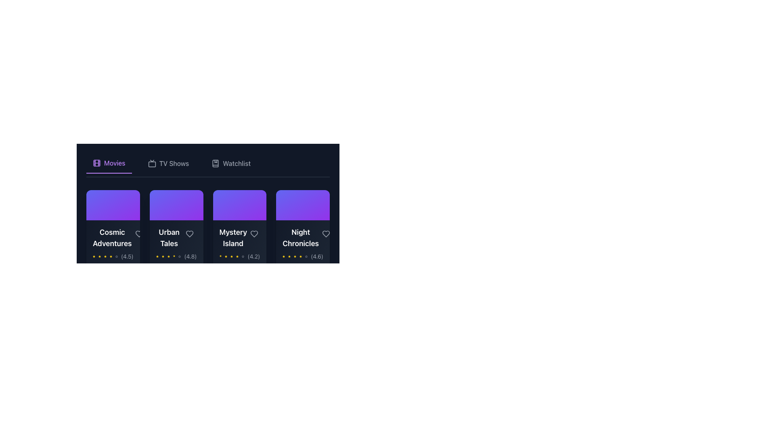 This screenshot has height=435, width=775. I want to click on the yellow filled star icon representing a rating, which is the third star in the 5-star rating scale beneath the 'Night Chronicles' card to rate it, so click(289, 256).